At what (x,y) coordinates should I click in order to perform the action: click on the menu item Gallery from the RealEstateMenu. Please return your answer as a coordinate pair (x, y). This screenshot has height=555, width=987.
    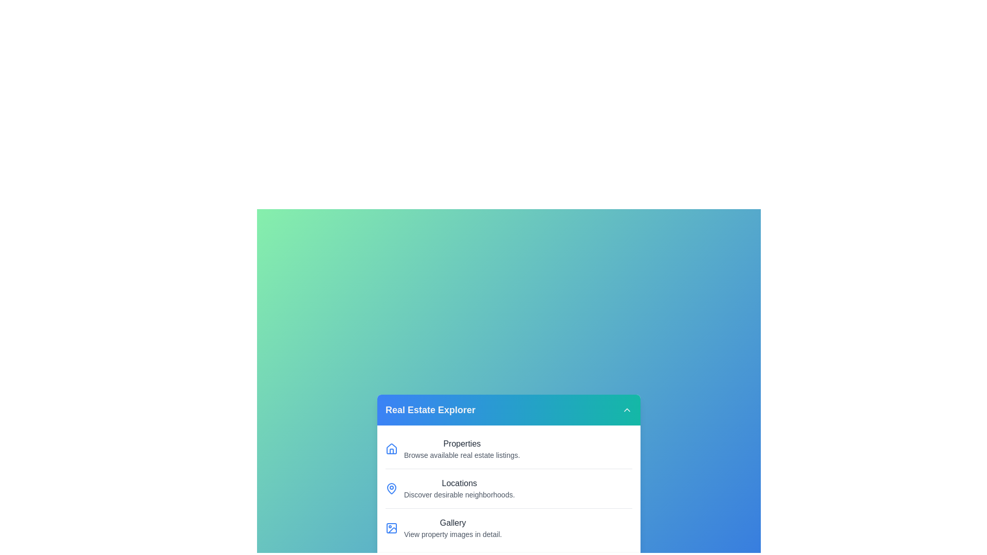
    Looking at the image, I should click on (508, 528).